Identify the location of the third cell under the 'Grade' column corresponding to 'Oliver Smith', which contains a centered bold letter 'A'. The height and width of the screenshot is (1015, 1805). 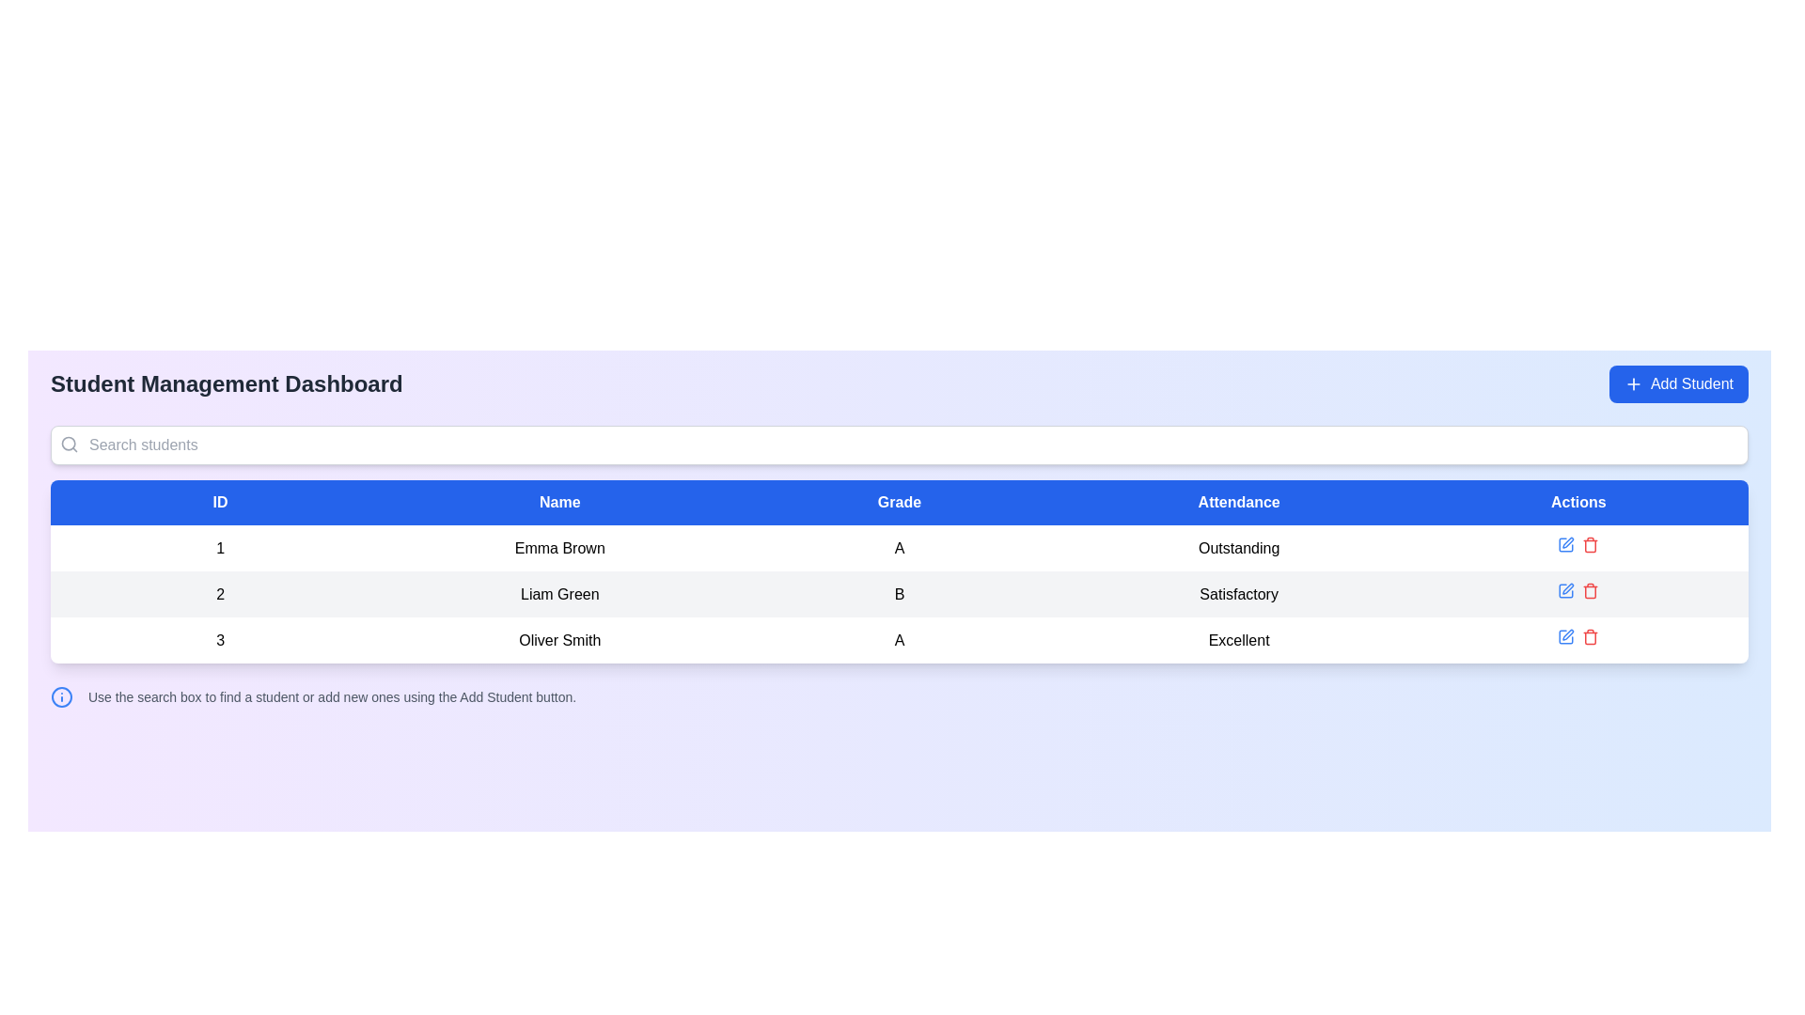
(898, 639).